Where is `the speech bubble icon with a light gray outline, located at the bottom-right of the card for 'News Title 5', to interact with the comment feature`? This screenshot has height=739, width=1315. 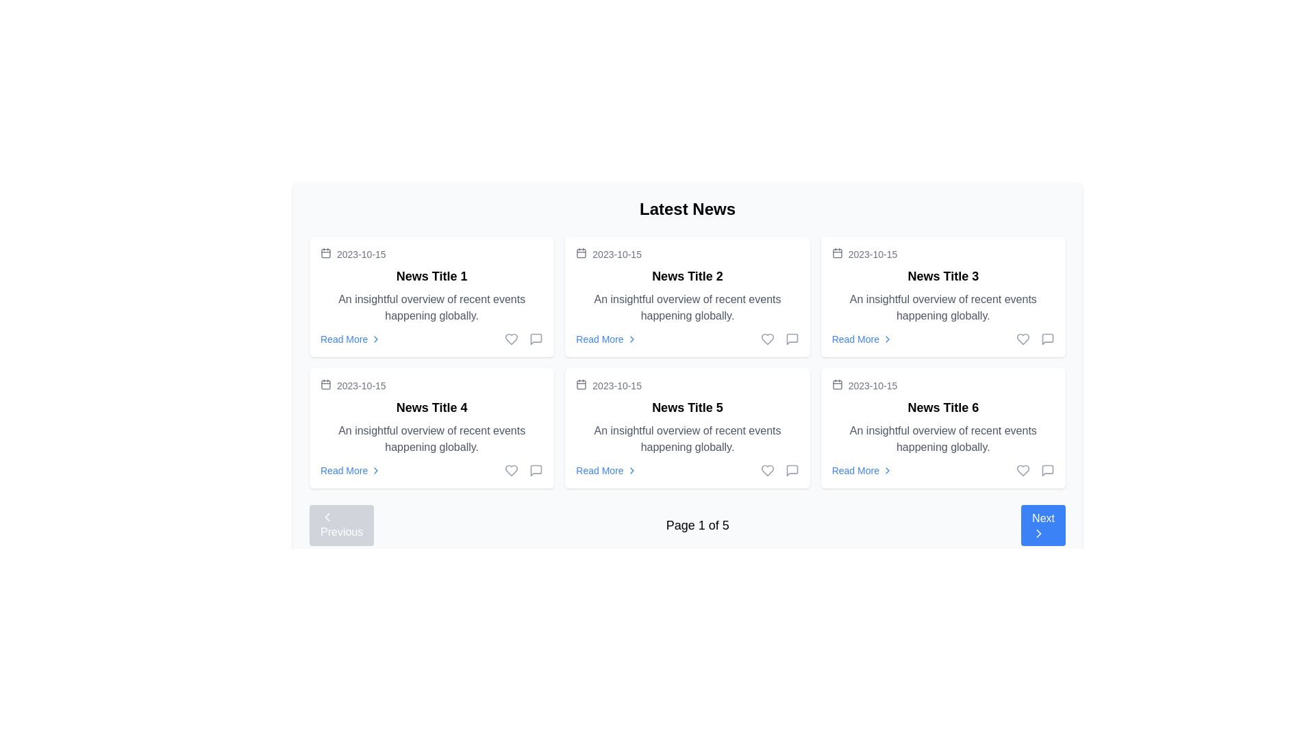
the speech bubble icon with a light gray outline, located at the bottom-right of the card for 'News Title 5', to interact with the comment feature is located at coordinates (792, 469).